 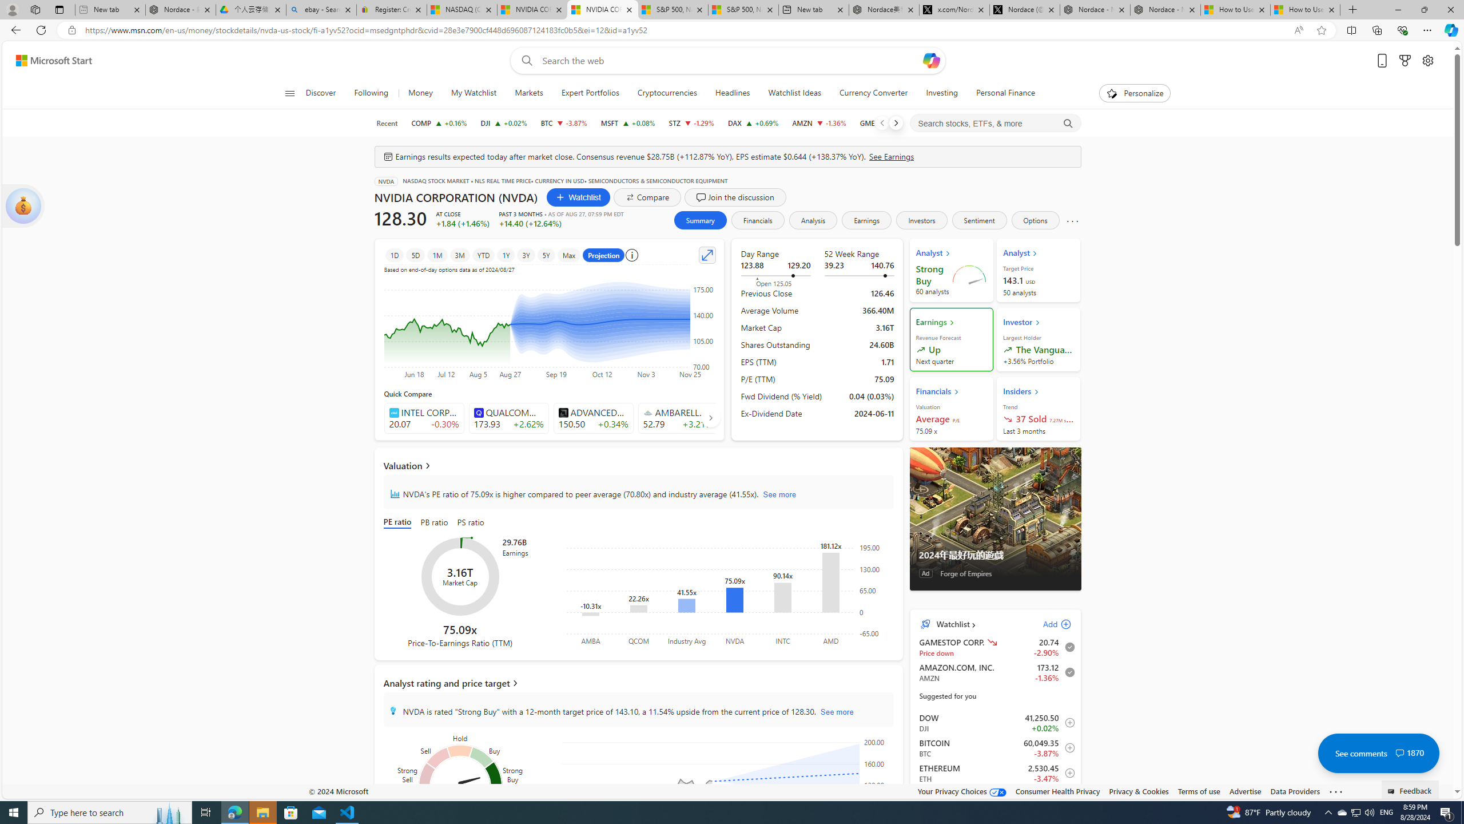 What do you see at coordinates (647, 197) in the screenshot?
I see `'Compare'` at bounding box center [647, 197].